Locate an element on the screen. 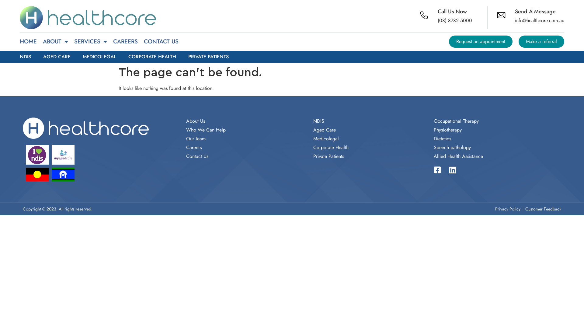 The width and height of the screenshot is (584, 328). 'PRIVATE PATIENTS' is located at coordinates (208, 56).